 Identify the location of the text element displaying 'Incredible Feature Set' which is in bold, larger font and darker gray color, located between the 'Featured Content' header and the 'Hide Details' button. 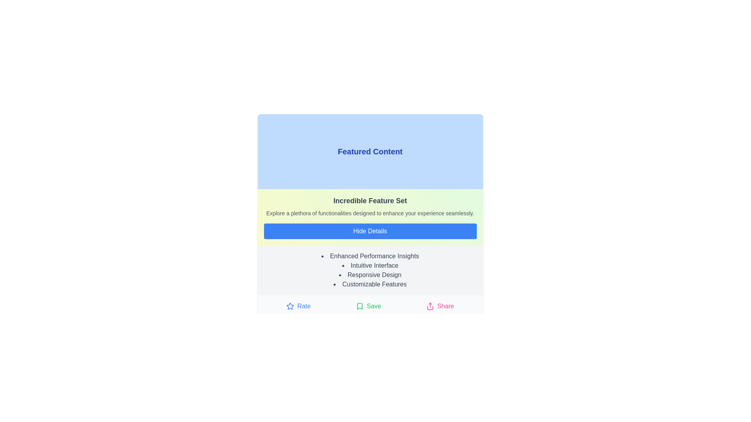
(370, 200).